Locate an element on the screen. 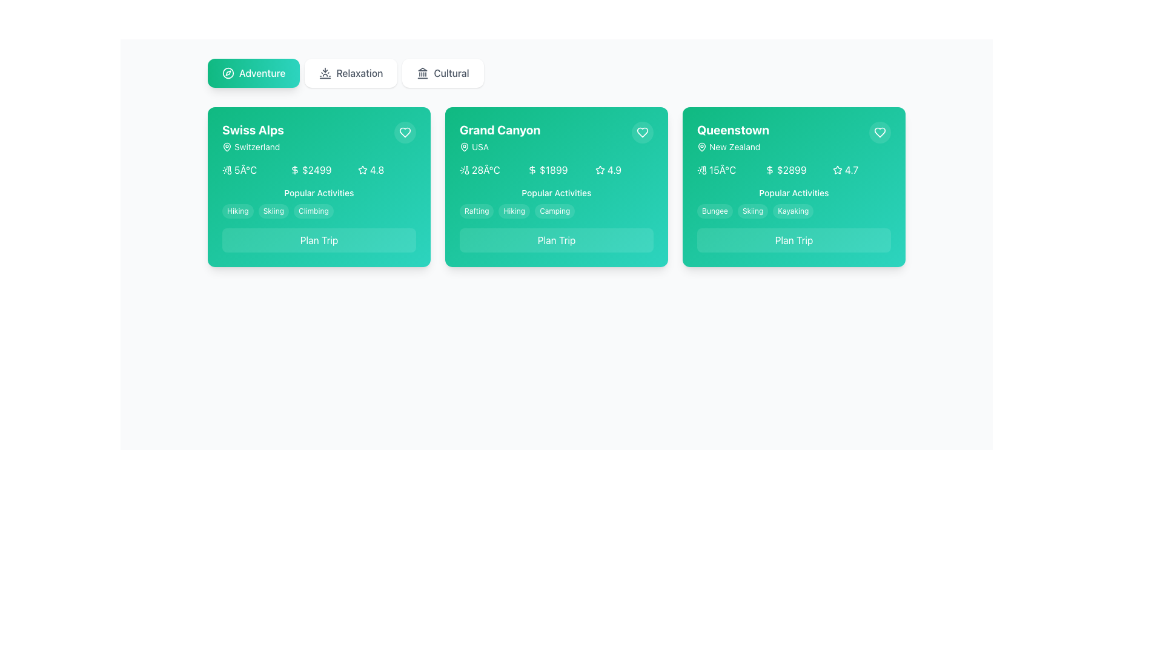  the static label indicating 'Hiking' activity in the 'Popular Activities' section of the 'Grand Canyon' card, which is the second label in the sequence of three labels is located at coordinates (514, 210).